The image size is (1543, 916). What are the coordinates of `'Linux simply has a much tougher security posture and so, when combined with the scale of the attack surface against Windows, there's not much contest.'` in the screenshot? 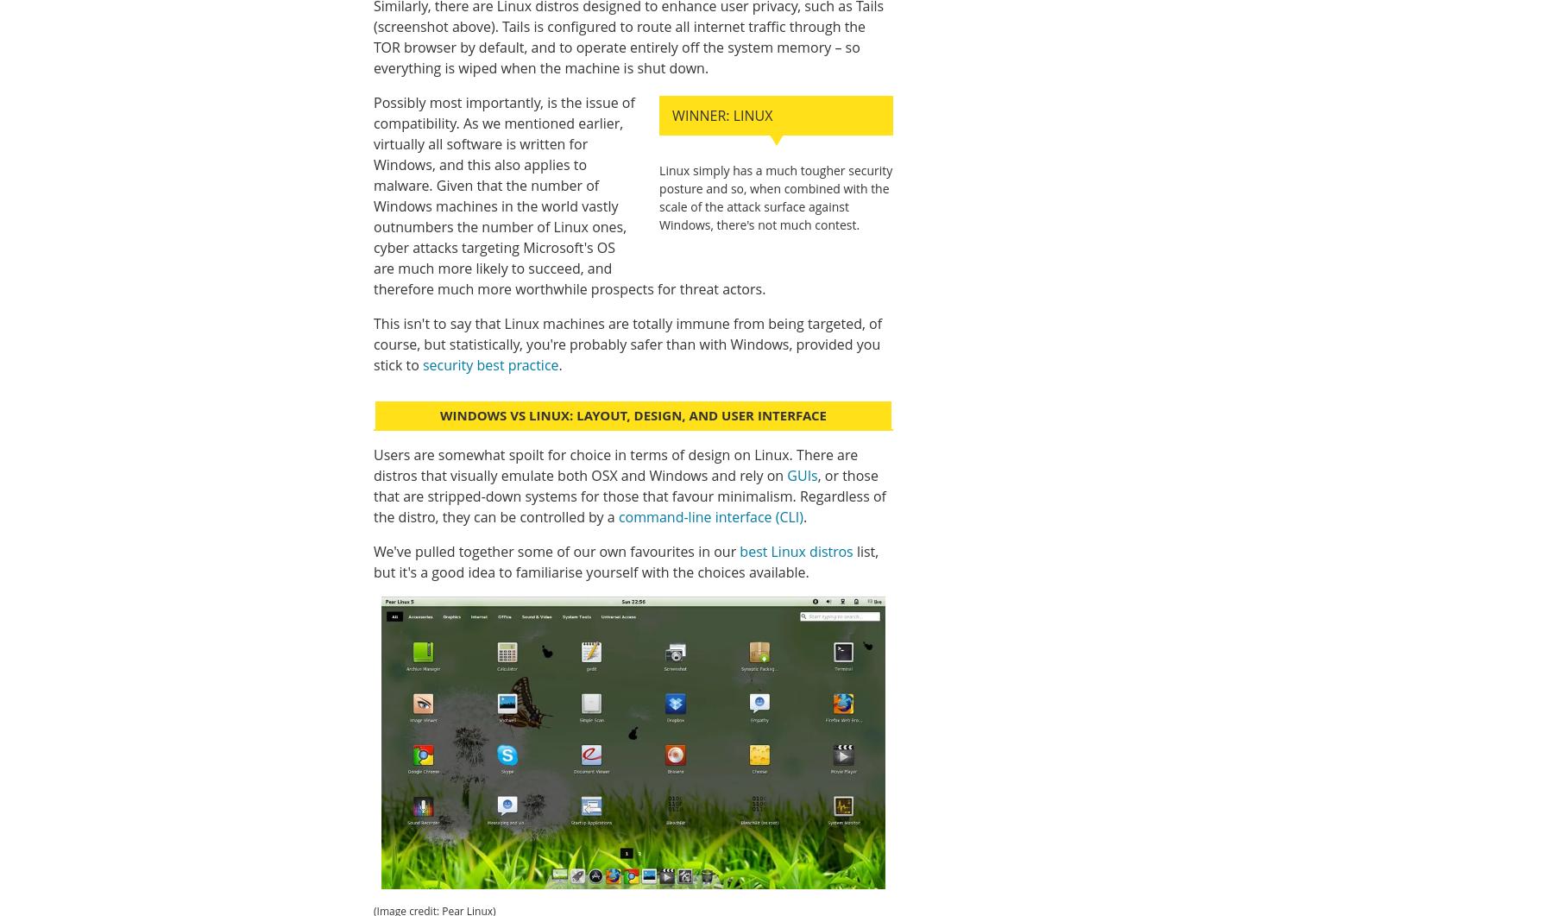 It's located at (776, 196).